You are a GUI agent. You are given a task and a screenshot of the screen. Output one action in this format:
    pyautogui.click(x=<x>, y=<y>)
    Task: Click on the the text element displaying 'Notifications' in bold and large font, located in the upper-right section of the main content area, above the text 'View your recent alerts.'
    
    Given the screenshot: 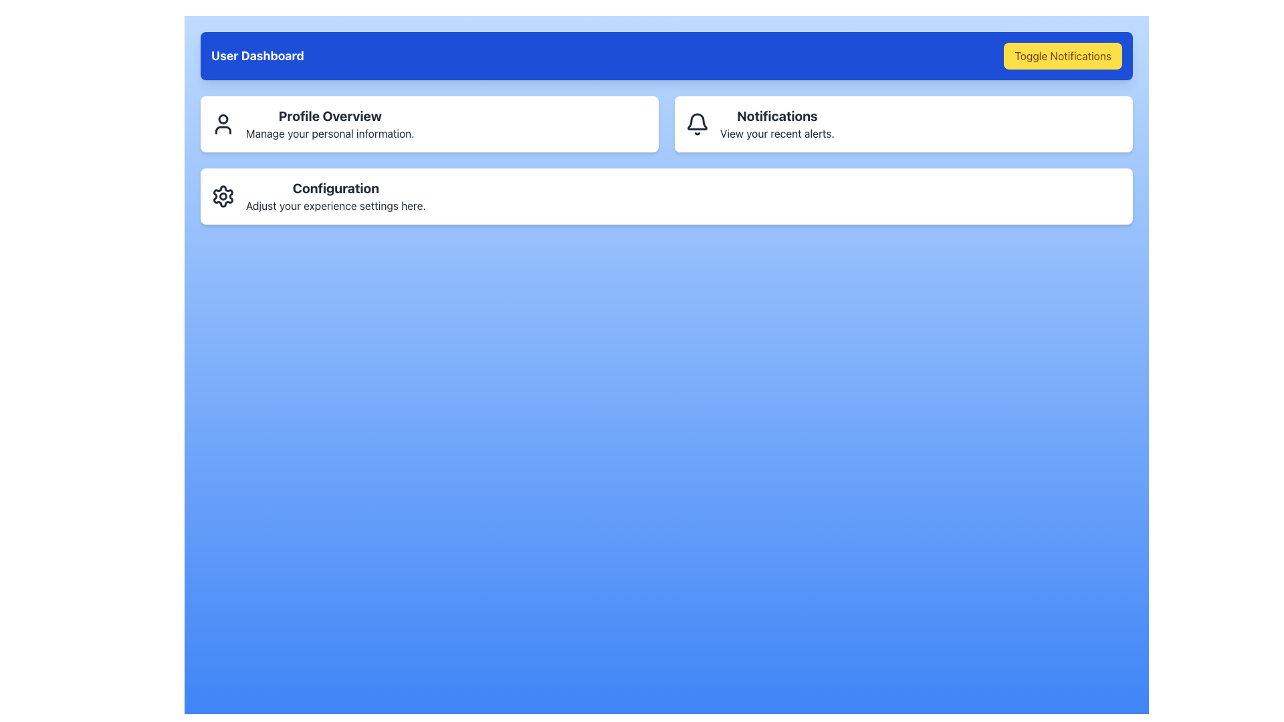 What is the action you would take?
    pyautogui.click(x=777, y=115)
    